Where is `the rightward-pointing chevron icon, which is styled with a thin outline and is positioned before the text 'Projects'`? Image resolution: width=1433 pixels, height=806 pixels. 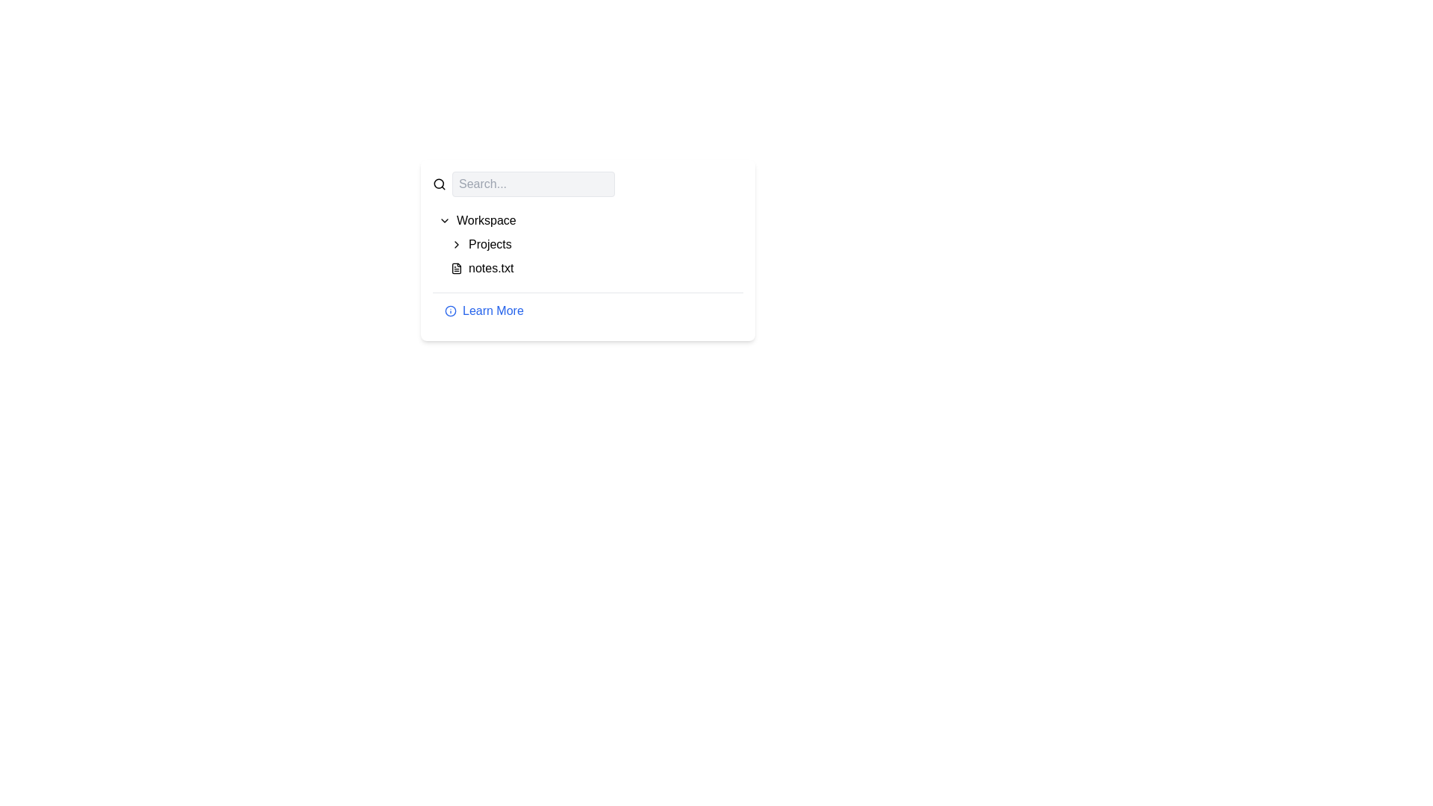
the rightward-pointing chevron icon, which is styled with a thin outline and is positioned before the text 'Projects' is located at coordinates (455, 243).